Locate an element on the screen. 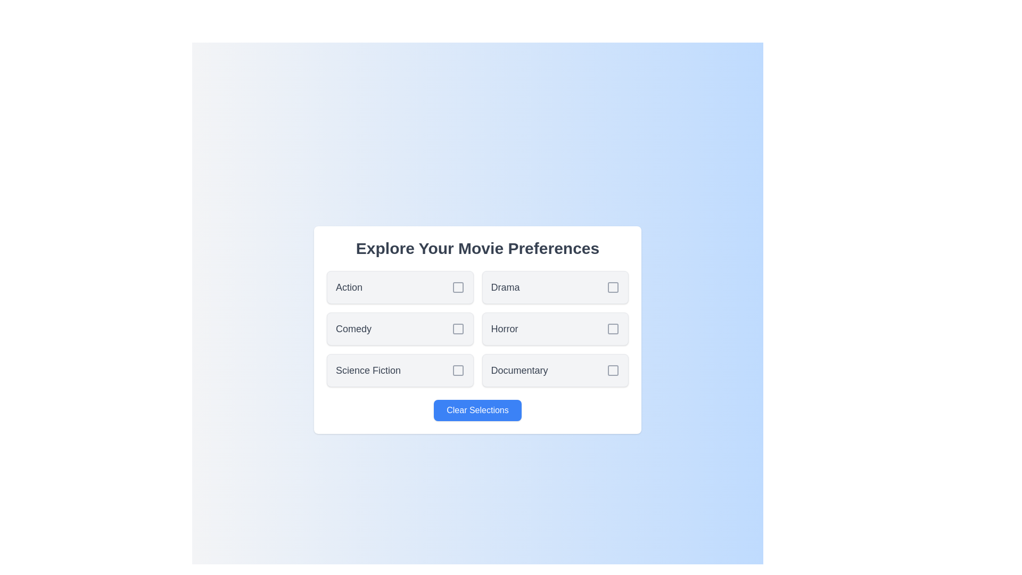 This screenshot has height=575, width=1022. 'Clear Selections' button to clear all selected movie genres is located at coordinates (477, 410).